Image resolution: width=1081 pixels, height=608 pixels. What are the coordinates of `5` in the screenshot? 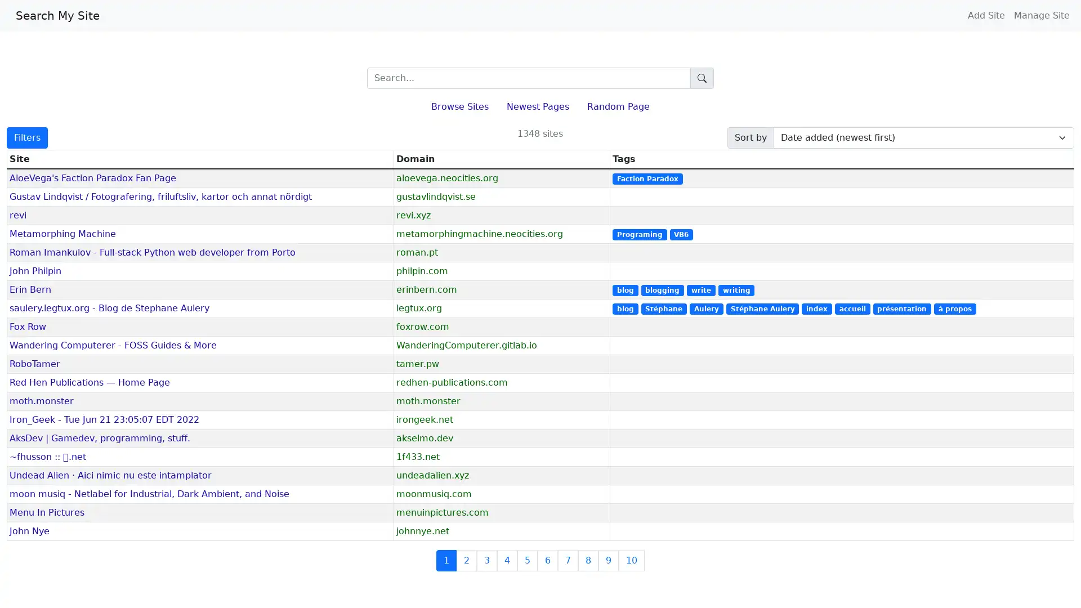 It's located at (526, 560).